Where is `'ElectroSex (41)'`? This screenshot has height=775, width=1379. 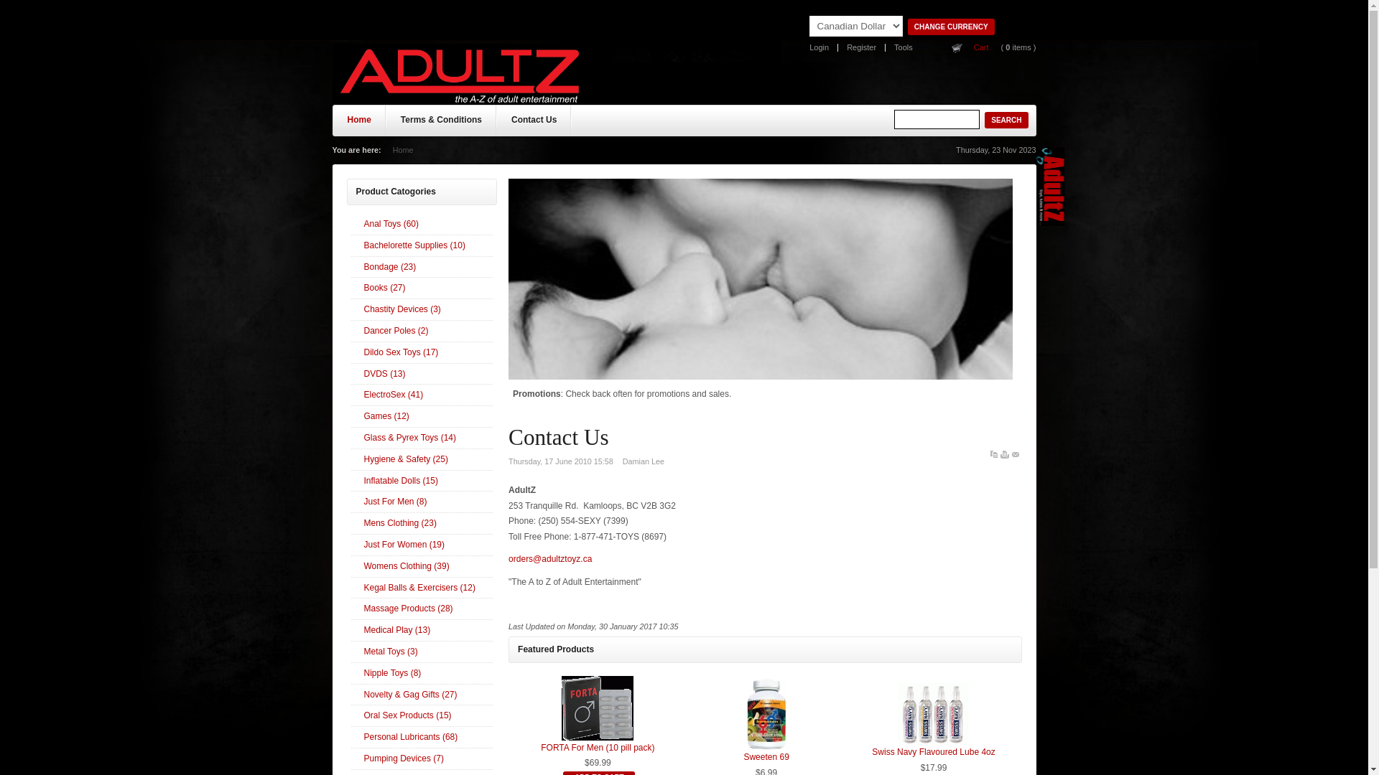 'ElectroSex (41)' is located at coordinates (420, 395).